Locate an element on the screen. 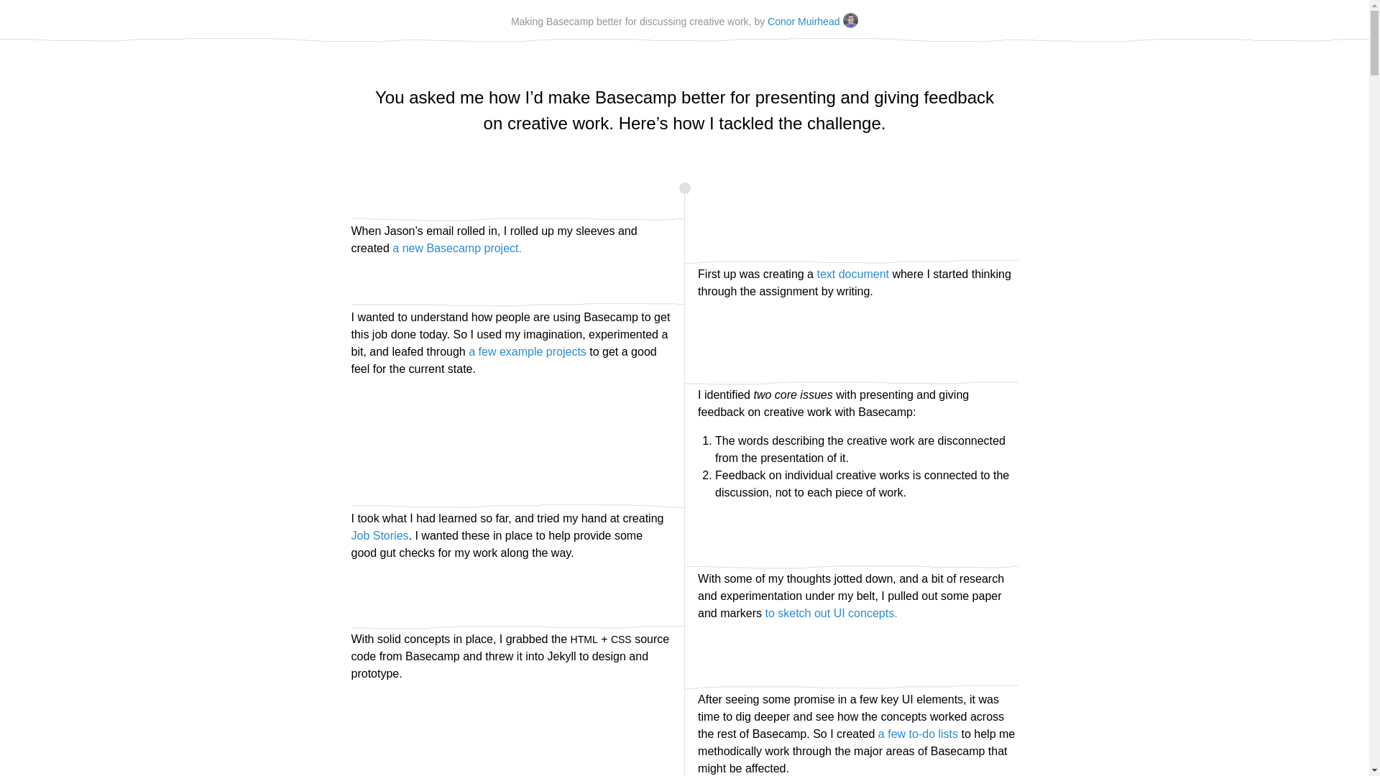 The image size is (1380, 776). 'a few example projects' is located at coordinates (527, 351).